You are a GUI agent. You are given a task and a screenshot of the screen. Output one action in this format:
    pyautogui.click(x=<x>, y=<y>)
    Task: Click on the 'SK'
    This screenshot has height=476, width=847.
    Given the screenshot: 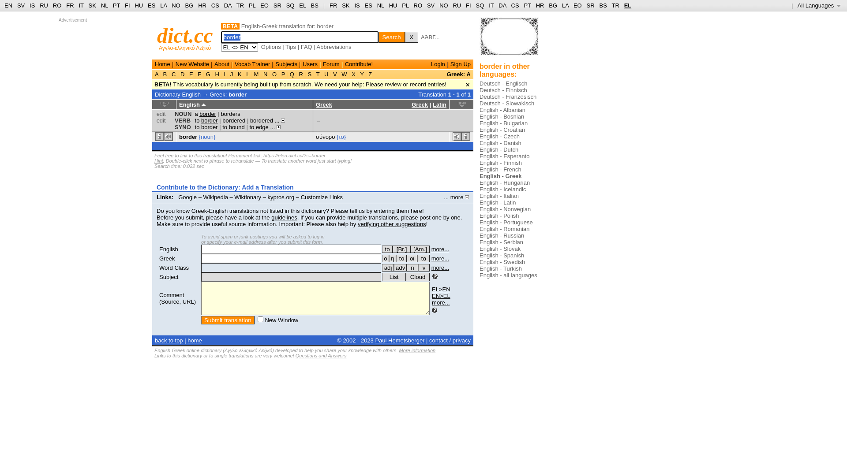 What is the action you would take?
    pyautogui.click(x=341, y=5)
    